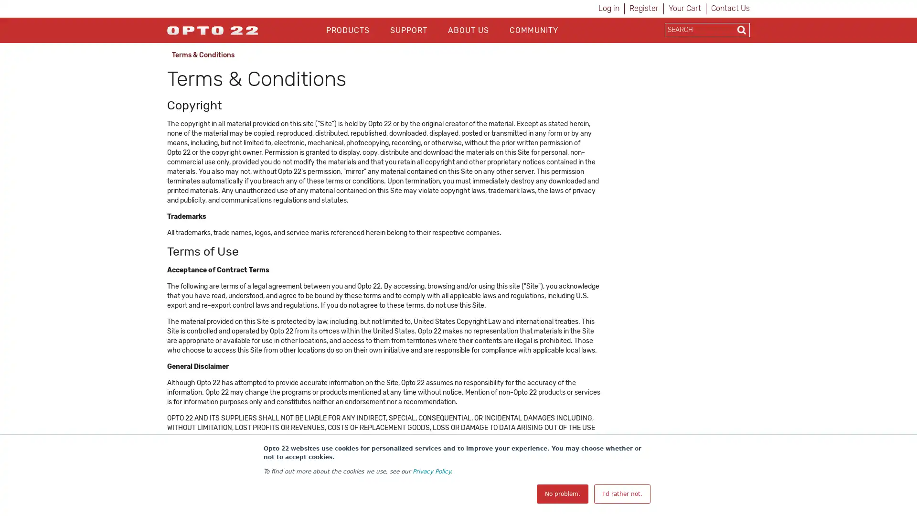 This screenshot has width=917, height=516. Describe the element at coordinates (741, 29) in the screenshot. I see `Search` at that location.